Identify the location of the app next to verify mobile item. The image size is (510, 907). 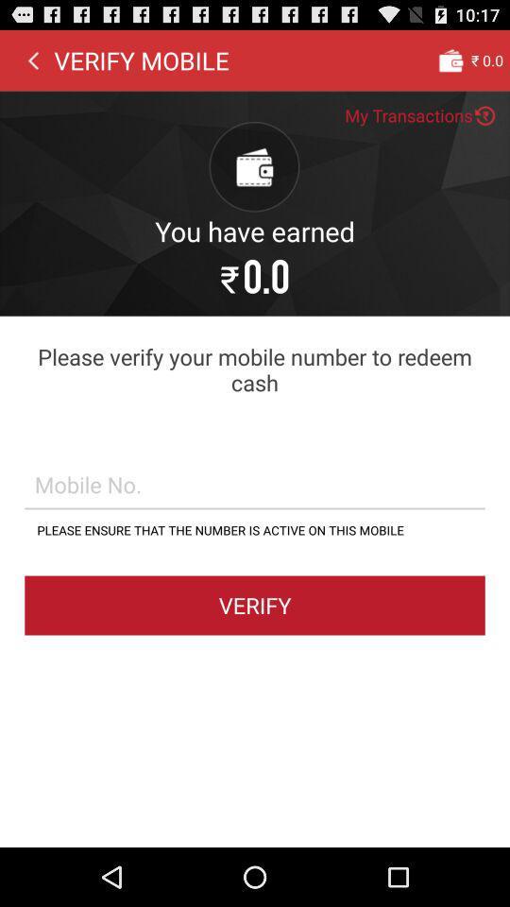
(450, 60).